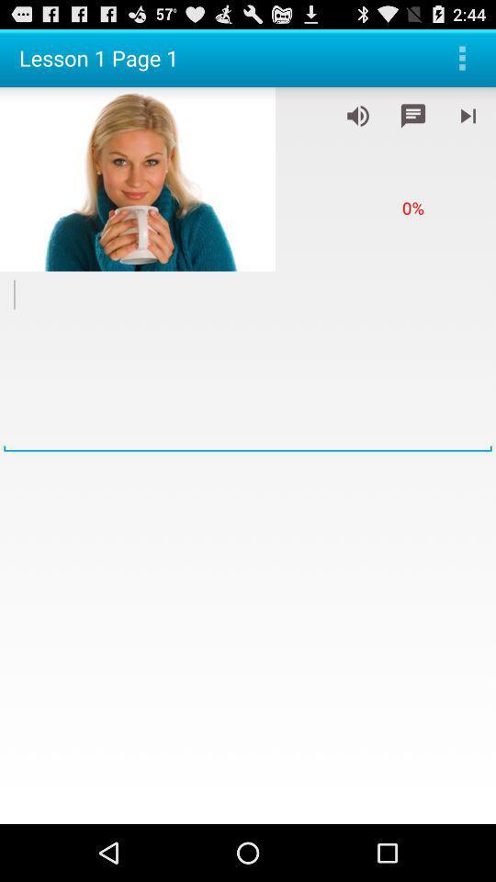 The width and height of the screenshot is (496, 882). What do you see at coordinates (357, 115) in the screenshot?
I see `control the volume` at bounding box center [357, 115].